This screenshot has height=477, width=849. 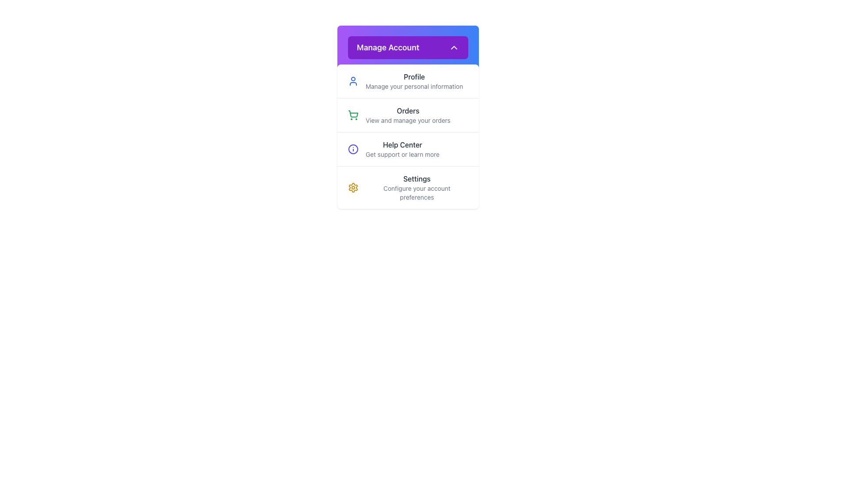 What do you see at coordinates (352, 81) in the screenshot?
I see `the user profile icon, which is a blue circular head and torso outline located to the left of the 'Profile' text in the 'Manage Account' dropdown menu` at bounding box center [352, 81].